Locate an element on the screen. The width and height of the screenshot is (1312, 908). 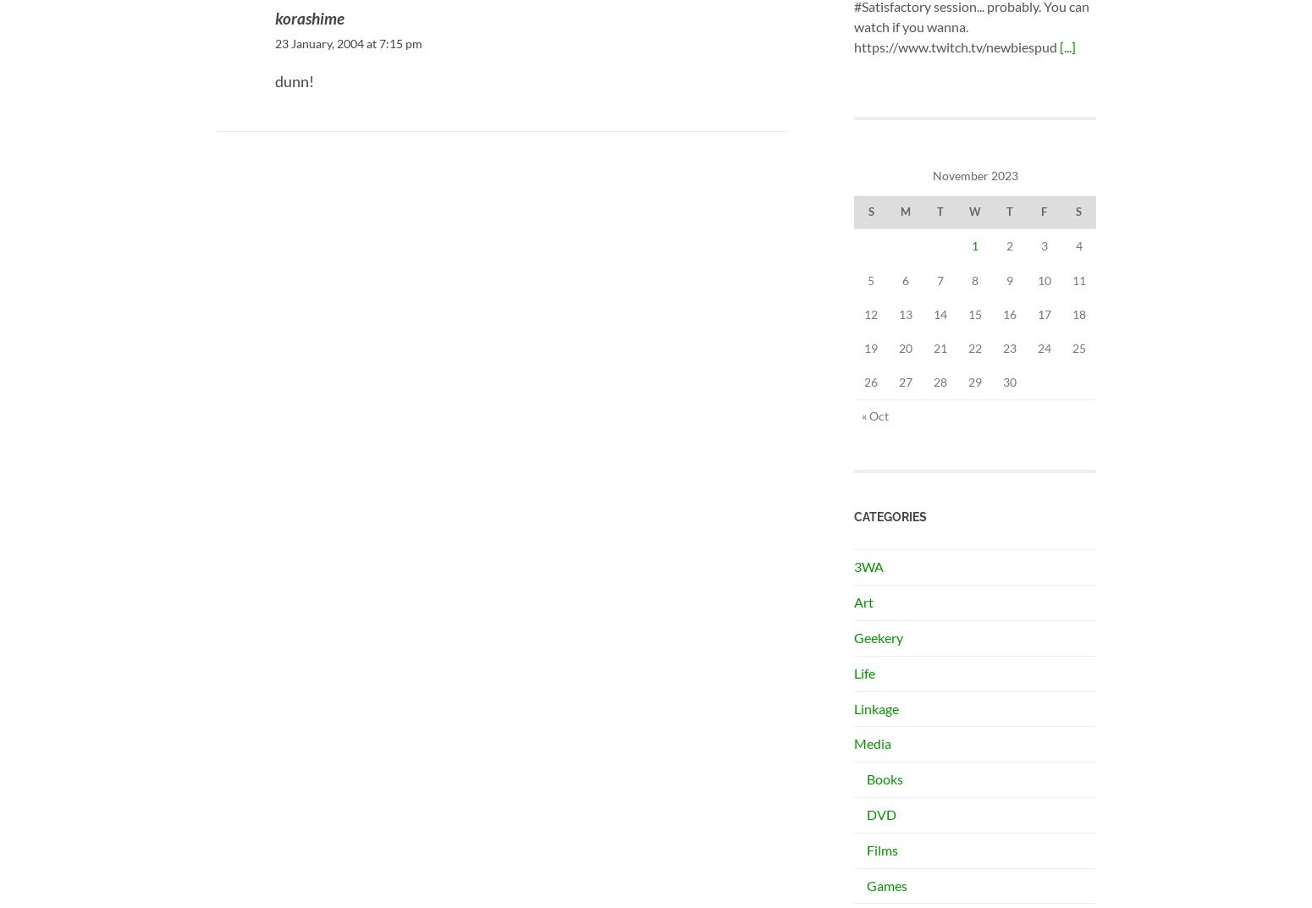
'Books' is located at coordinates (885, 779).